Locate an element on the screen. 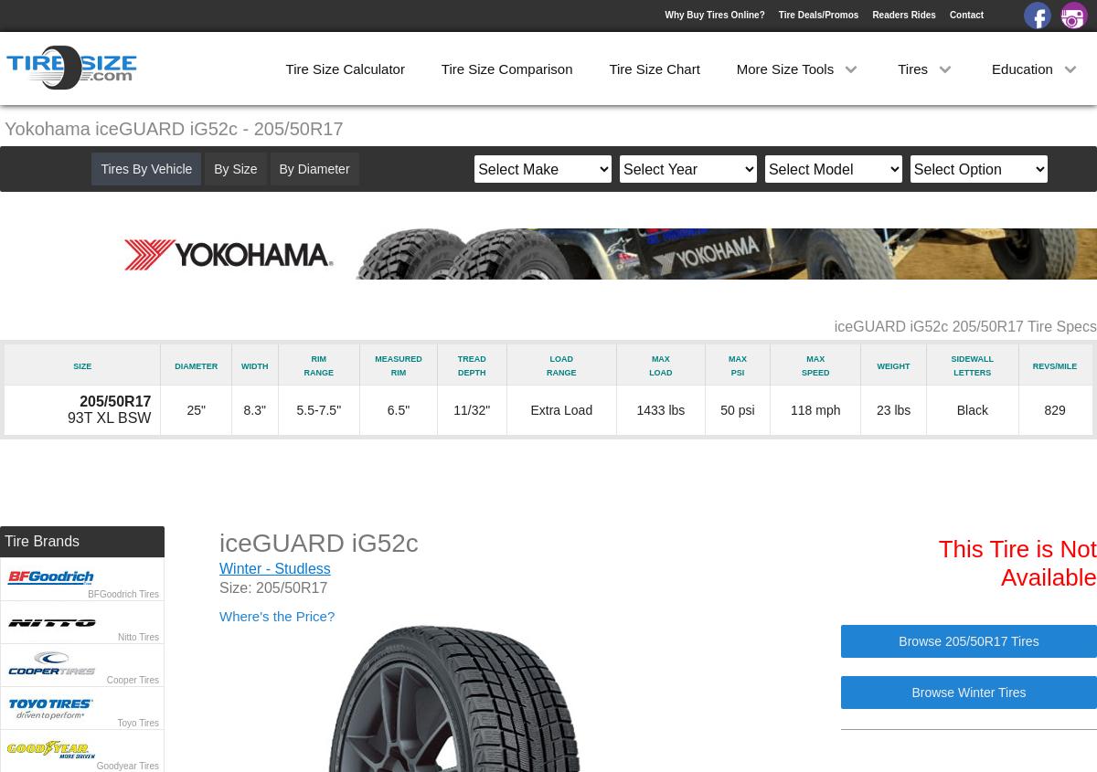  'Tire Size Chart' is located at coordinates (654, 68).